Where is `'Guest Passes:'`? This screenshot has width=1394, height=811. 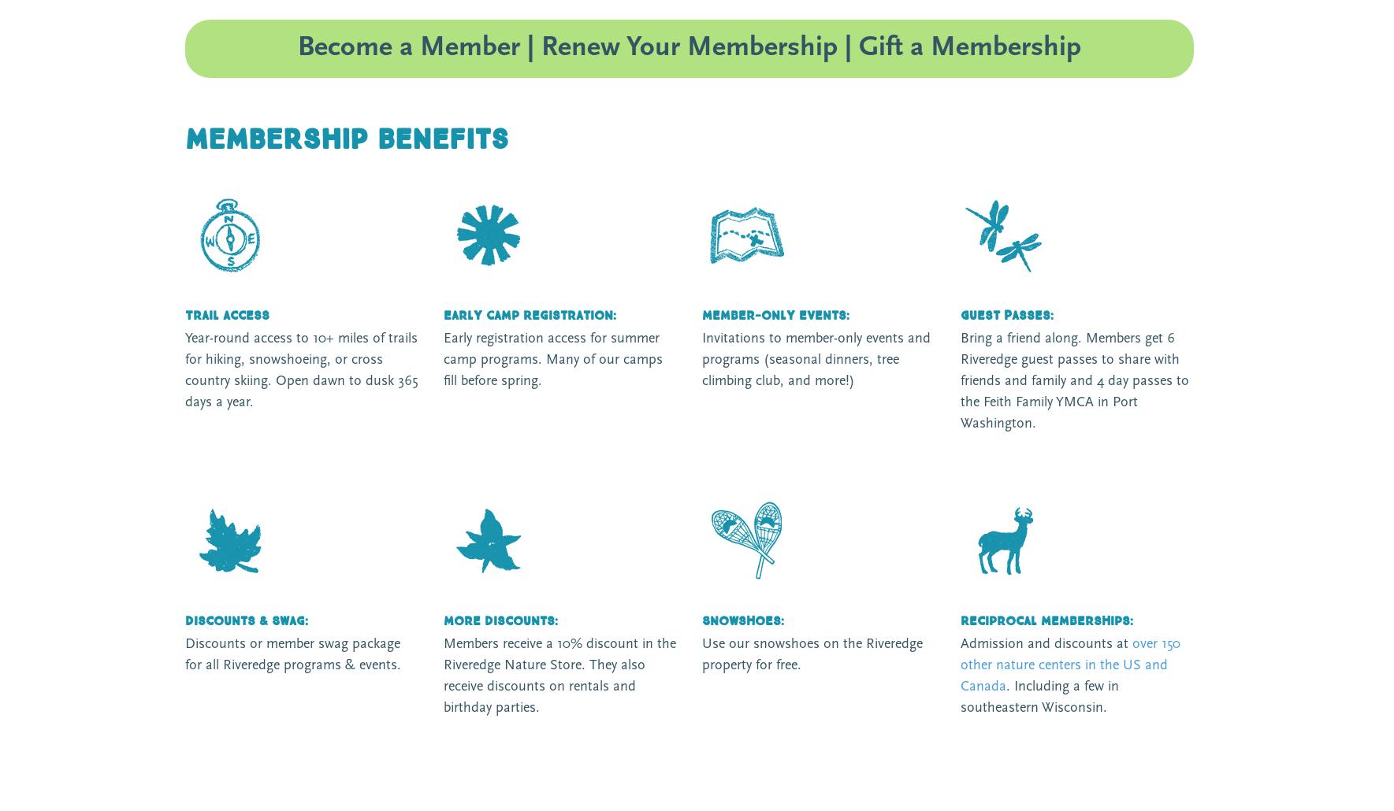
'Guest Passes:' is located at coordinates (1006, 315).